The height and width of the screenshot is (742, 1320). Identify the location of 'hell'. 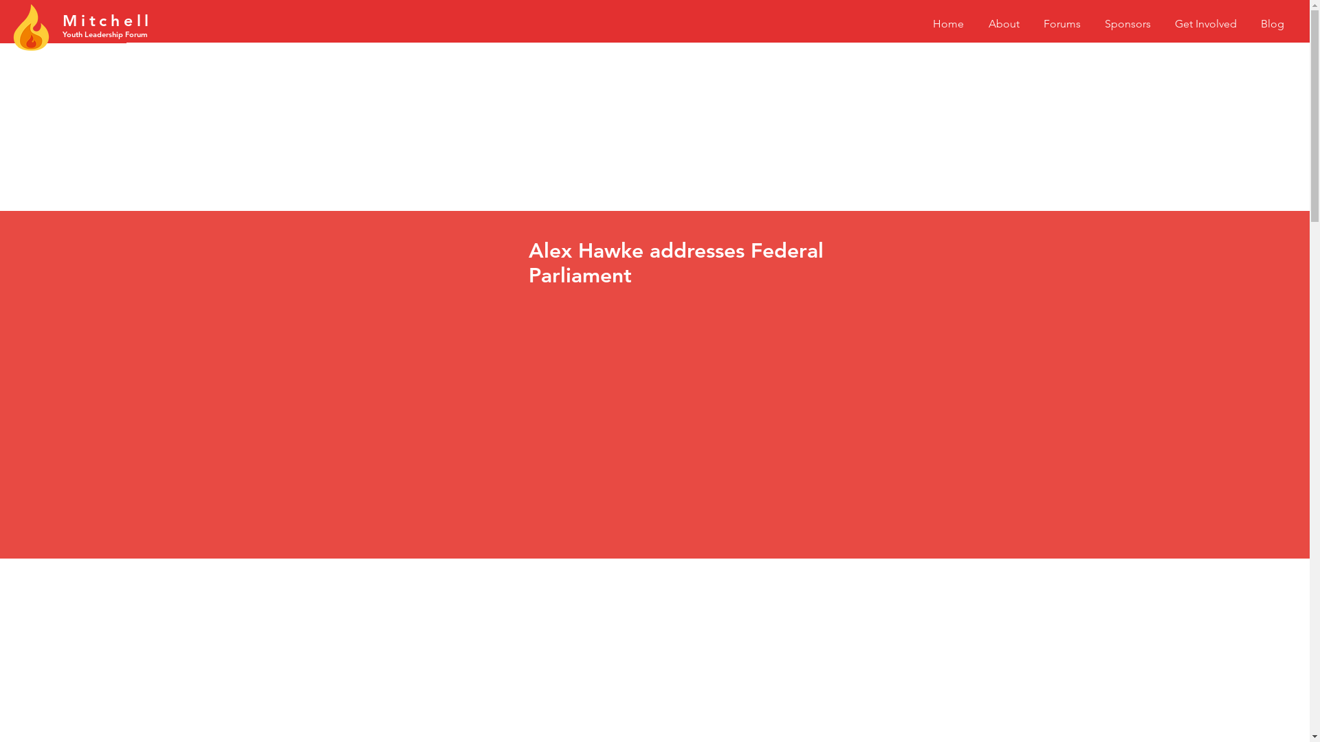
(131, 21).